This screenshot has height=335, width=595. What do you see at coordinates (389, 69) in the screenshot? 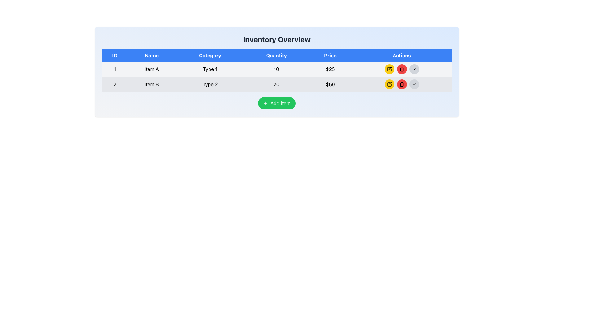
I see `the edit button located at the first position in the actions section of the first data row in the table` at bounding box center [389, 69].